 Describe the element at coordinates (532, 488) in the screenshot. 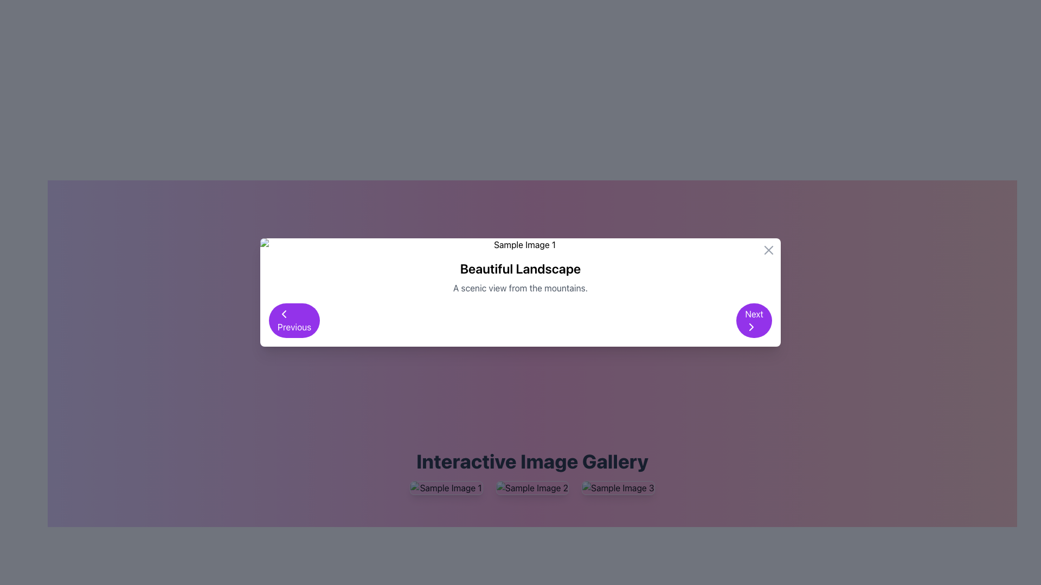

I see `the image display element labeled 'Sample Image 2'` at that location.